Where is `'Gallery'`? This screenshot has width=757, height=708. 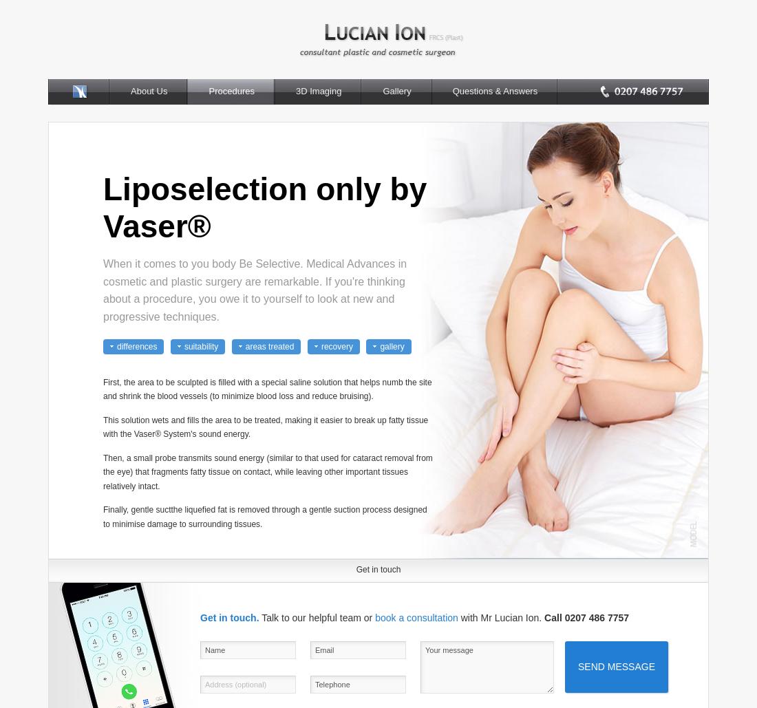 'Gallery' is located at coordinates (382, 90).